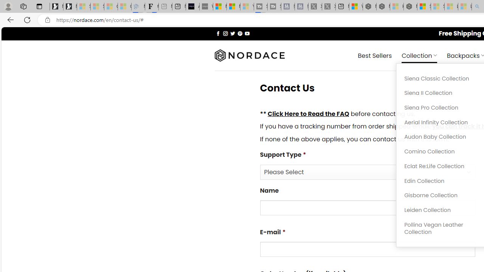  Describe the element at coordinates (375, 55) in the screenshot. I see `' Best Sellers'` at that location.